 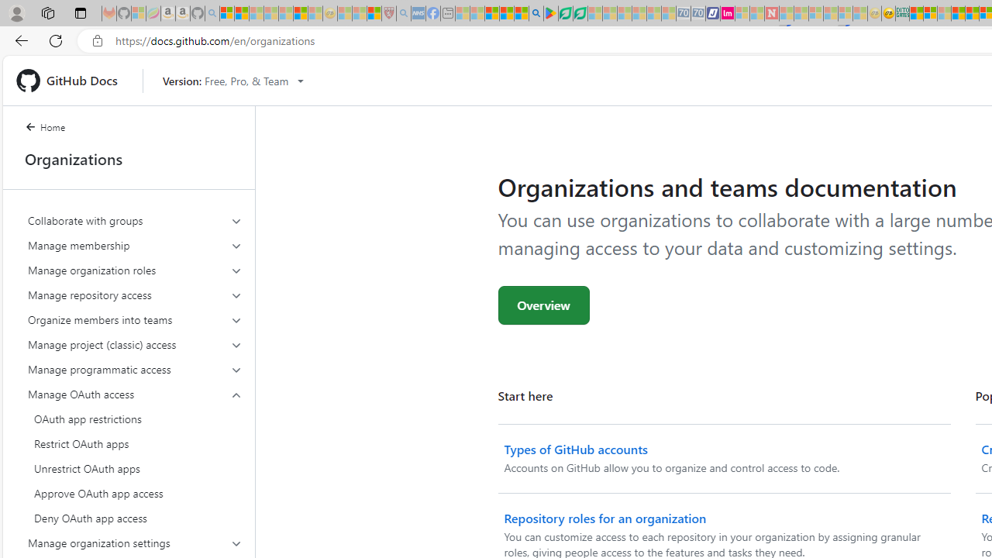 I want to click on 'Organize members into teams', so click(x=135, y=319).